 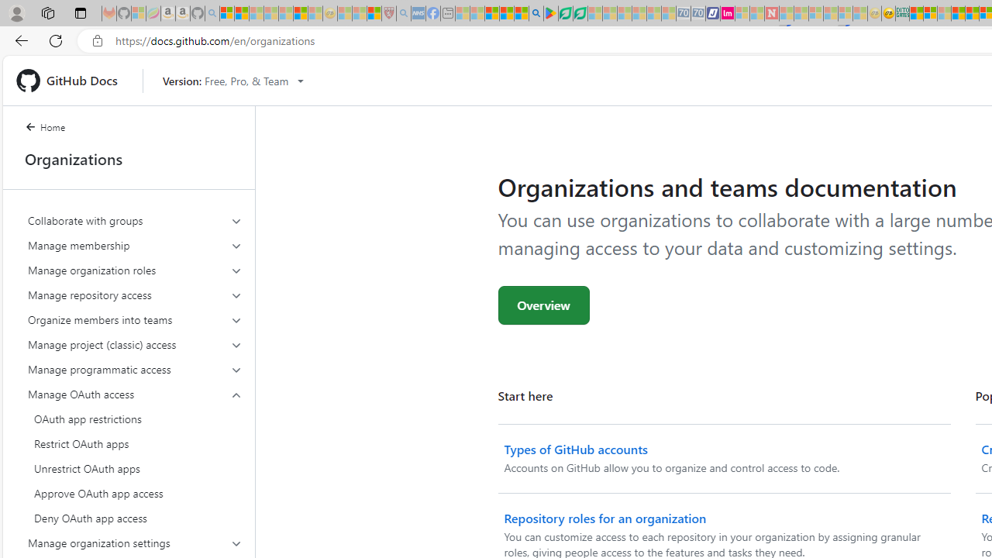 I want to click on 'Organize members into teams', so click(x=135, y=319).